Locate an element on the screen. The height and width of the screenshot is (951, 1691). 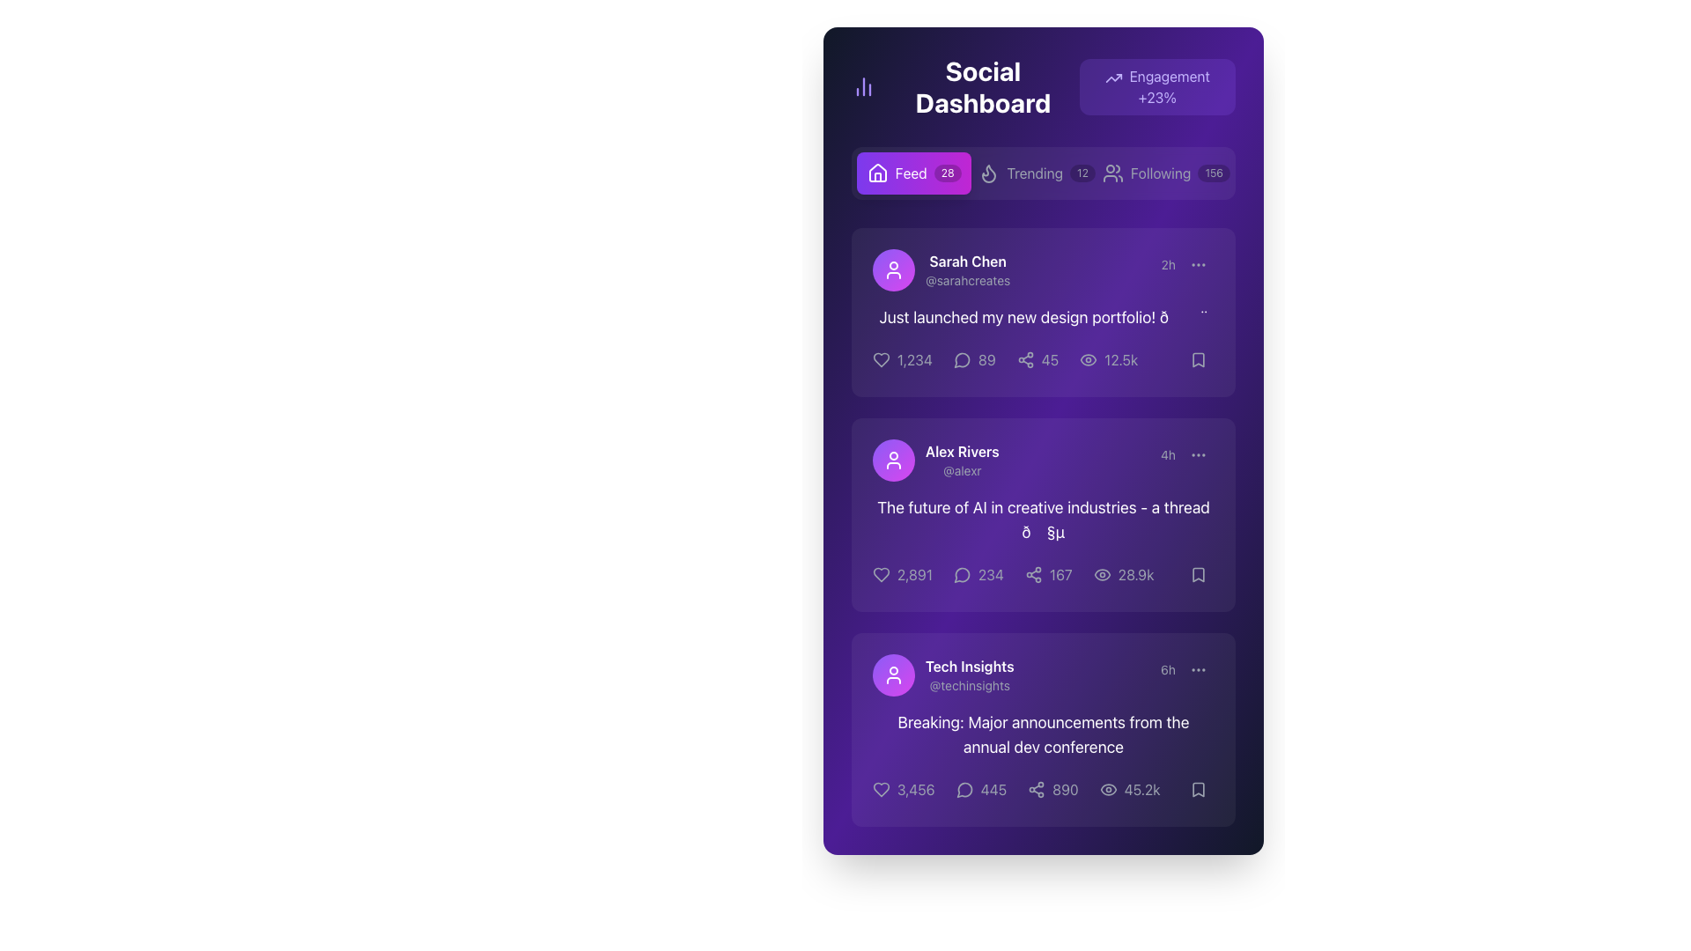
the bookmark button located in the bottom-right corner of the top post card in the feed section is located at coordinates (1198, 358).